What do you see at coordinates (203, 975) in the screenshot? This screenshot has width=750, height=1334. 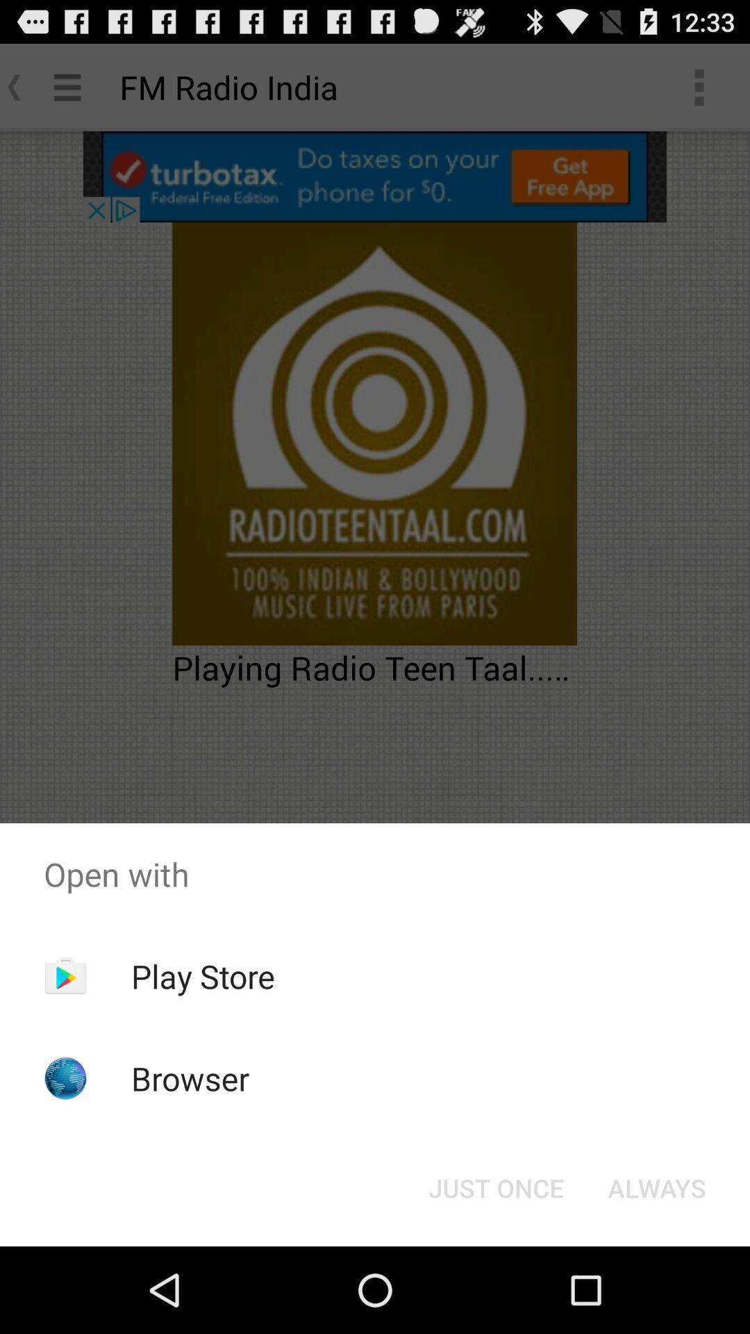 I see `the item above browser app` at bounding box center [203, 975].